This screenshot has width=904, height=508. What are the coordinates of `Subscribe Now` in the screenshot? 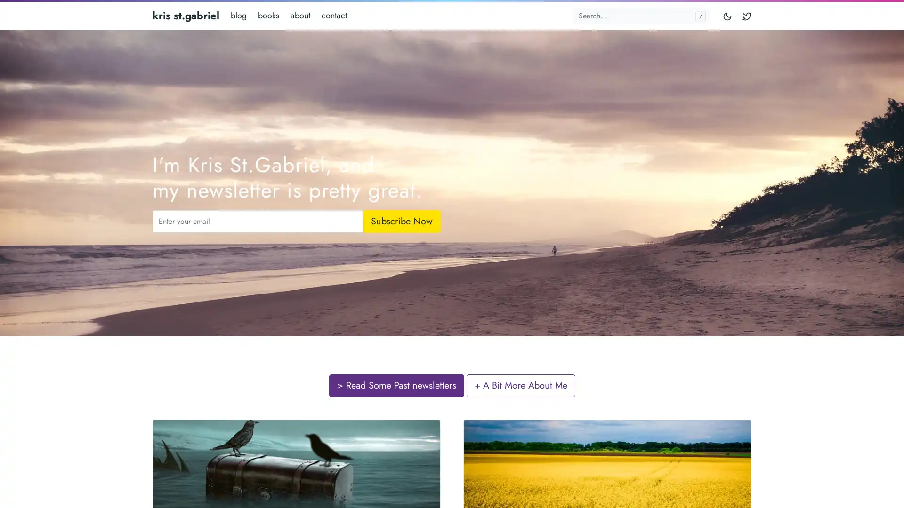 It's located at (402, 221).